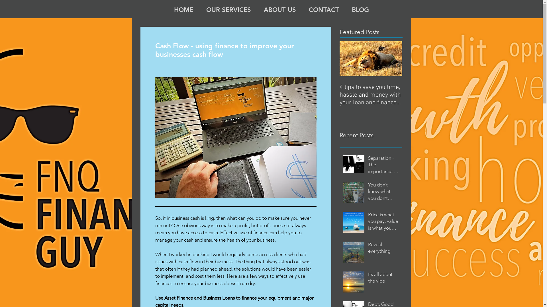  I want to click on 'HOME', so click(167, 9).